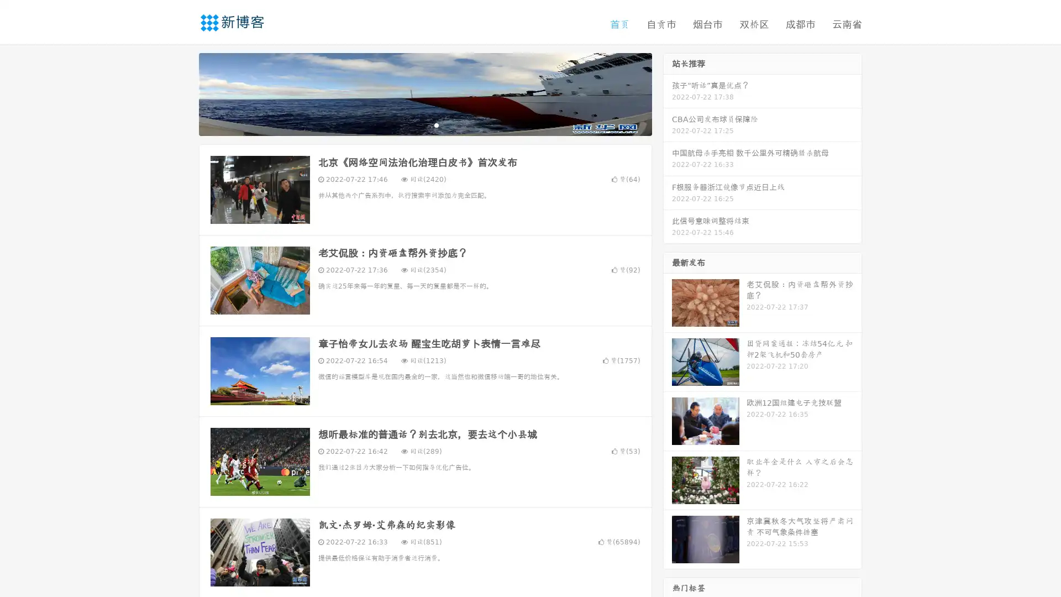 This screenshot has height=597, width=1061. Describe the element at coordinates (413, 124) in the screenshot. I see `Go to slide 1` at that location.